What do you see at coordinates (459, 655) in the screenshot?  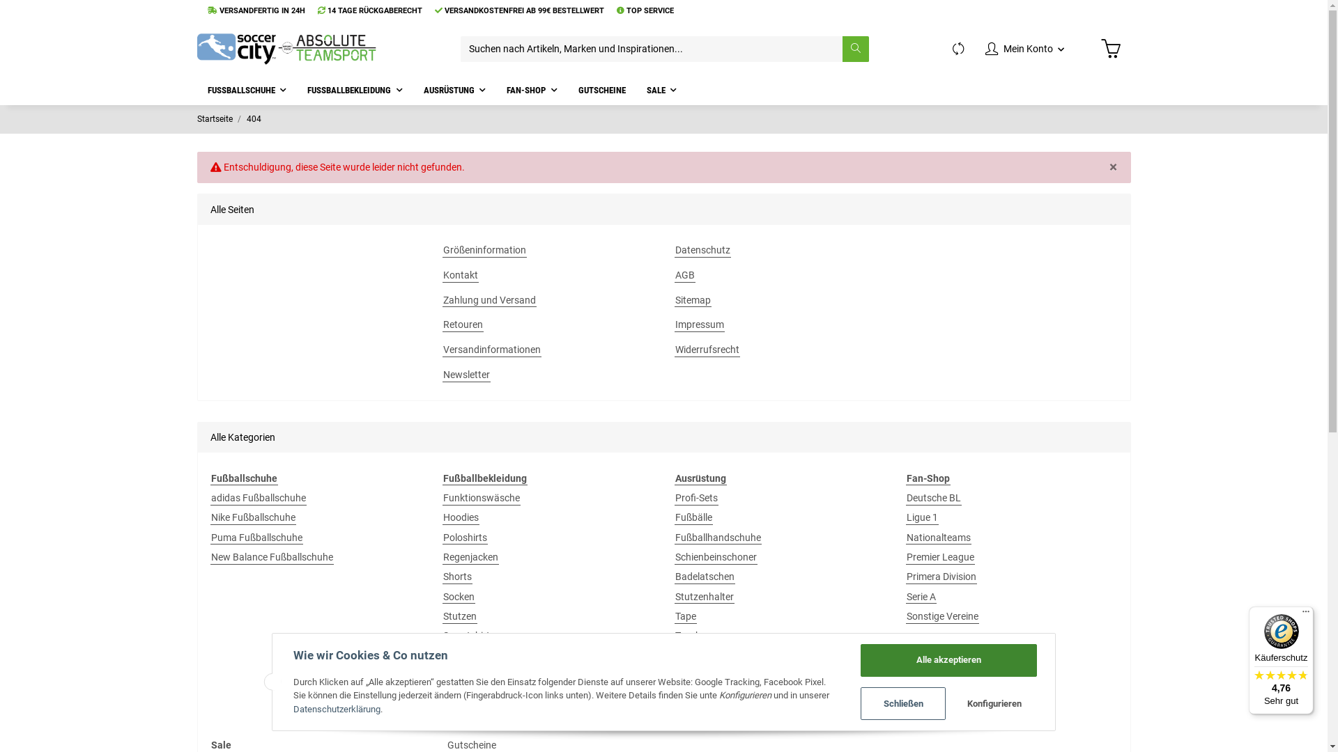 I see `'T-Shirts'` at bounding box center [459, 655].